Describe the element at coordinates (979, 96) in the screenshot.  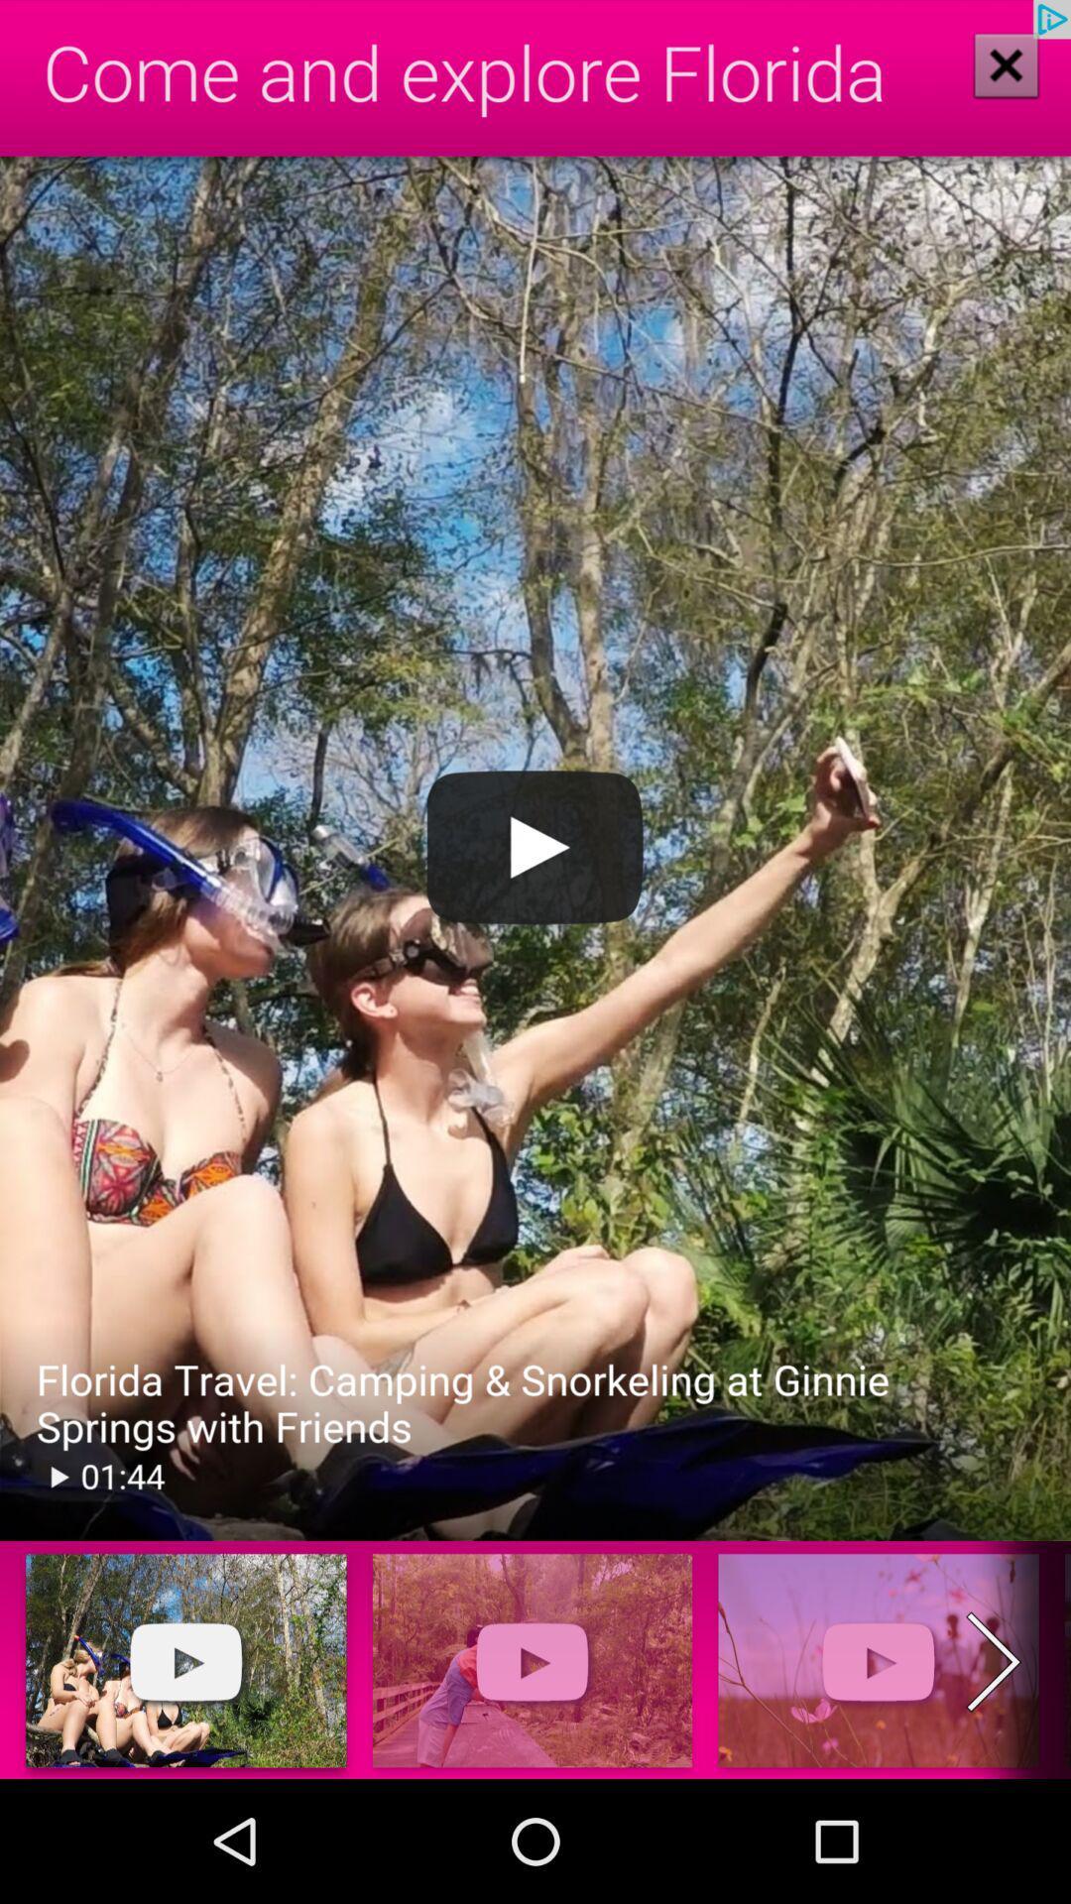
I see `the close icon` at that location.